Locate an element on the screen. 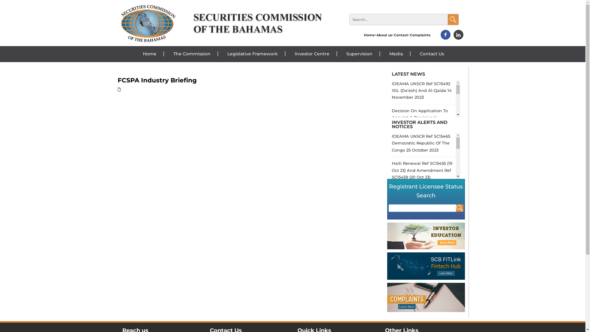  'Search' is located at coordinates (456, 208).